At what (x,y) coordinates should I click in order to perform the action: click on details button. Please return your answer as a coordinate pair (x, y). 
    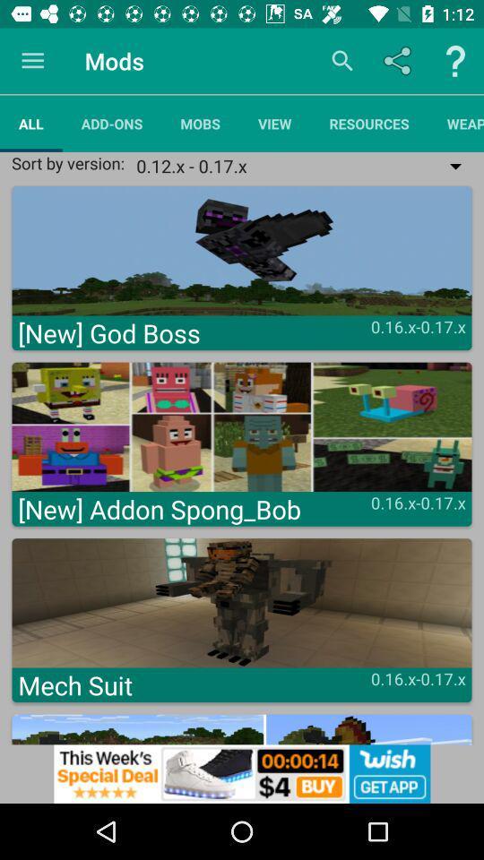
    Looking at the image, I should click on (455, 61).